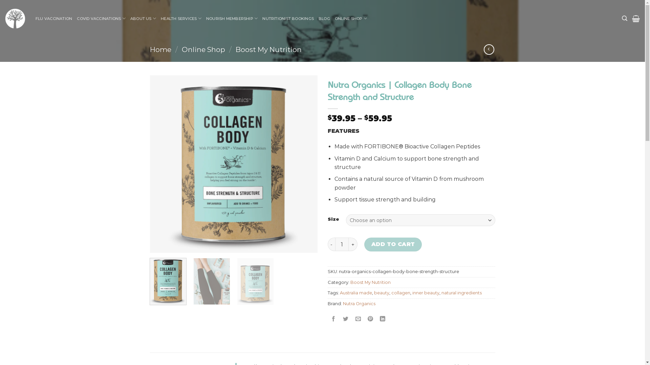 The image size is (650, 365). What do you see at coordinates (101, 18) in the screenshot?
I see `'COVID VACCINATIONS'` at bounding box center [101, 18].